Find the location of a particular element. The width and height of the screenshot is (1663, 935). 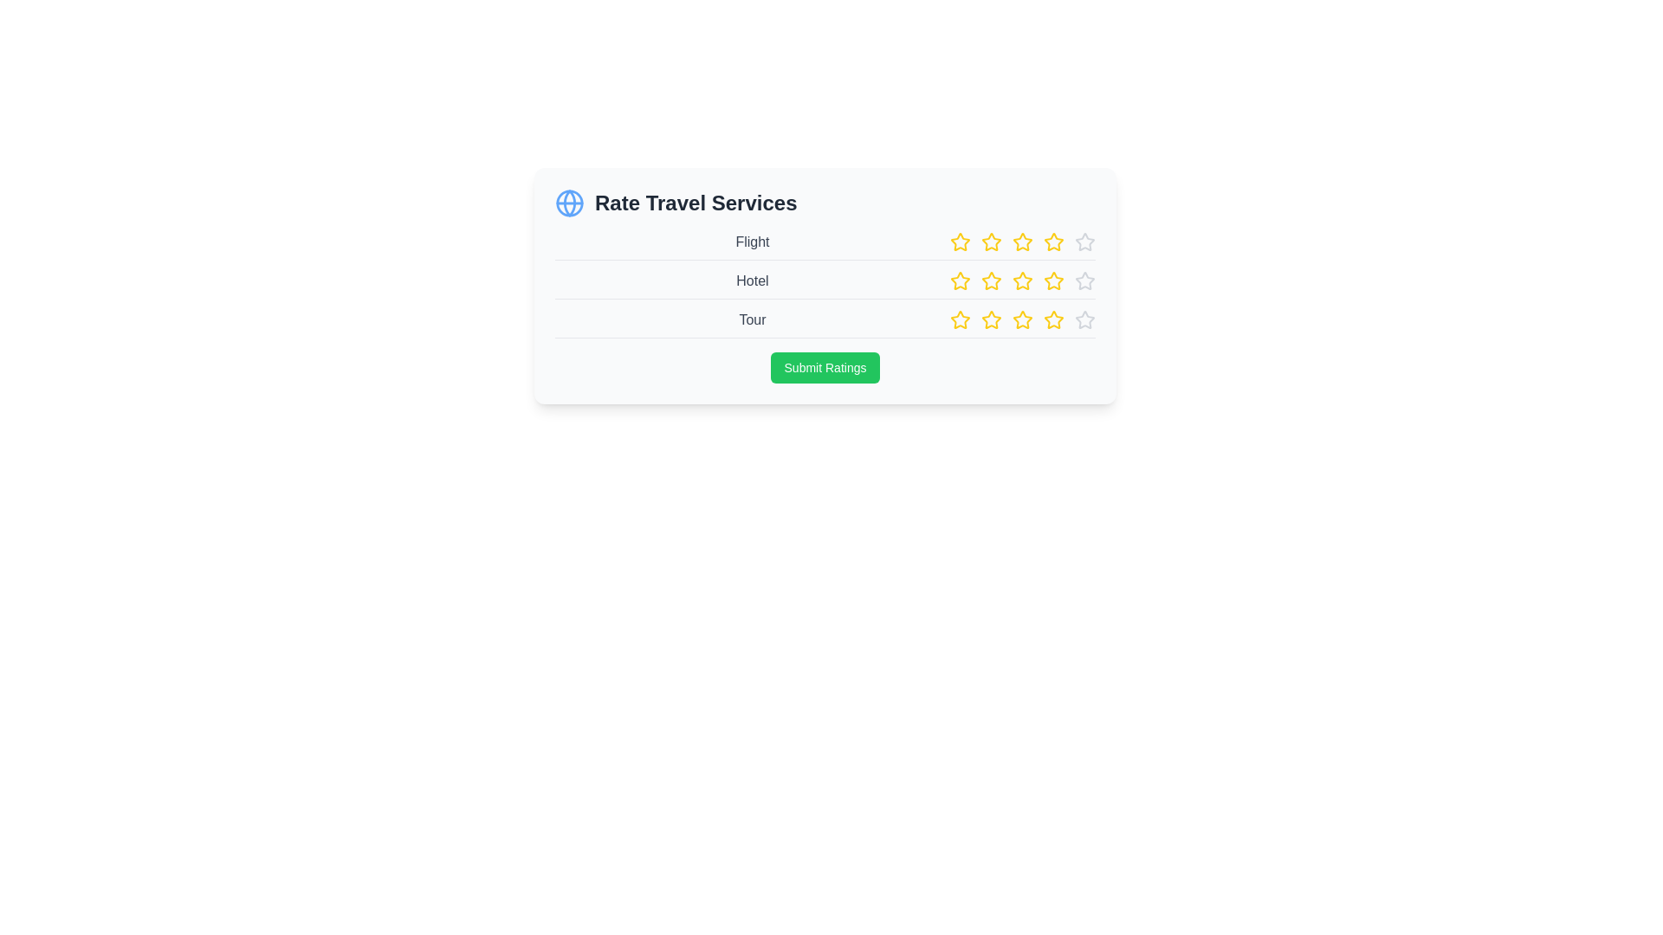

the yellow star-shaped icon in the second column of the 'Flight' rating row is located at coordinates (959, 242).